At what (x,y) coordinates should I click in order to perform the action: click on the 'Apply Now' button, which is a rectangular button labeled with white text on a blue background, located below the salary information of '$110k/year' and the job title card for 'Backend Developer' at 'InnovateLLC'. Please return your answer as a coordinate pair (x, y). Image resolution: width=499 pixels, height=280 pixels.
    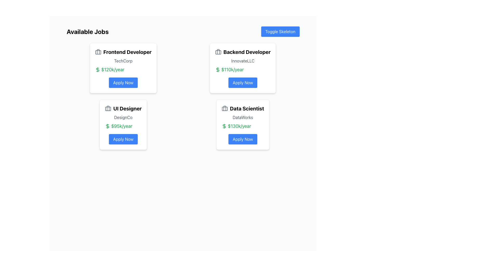
    Looking at the image, I should click on (242, 82).